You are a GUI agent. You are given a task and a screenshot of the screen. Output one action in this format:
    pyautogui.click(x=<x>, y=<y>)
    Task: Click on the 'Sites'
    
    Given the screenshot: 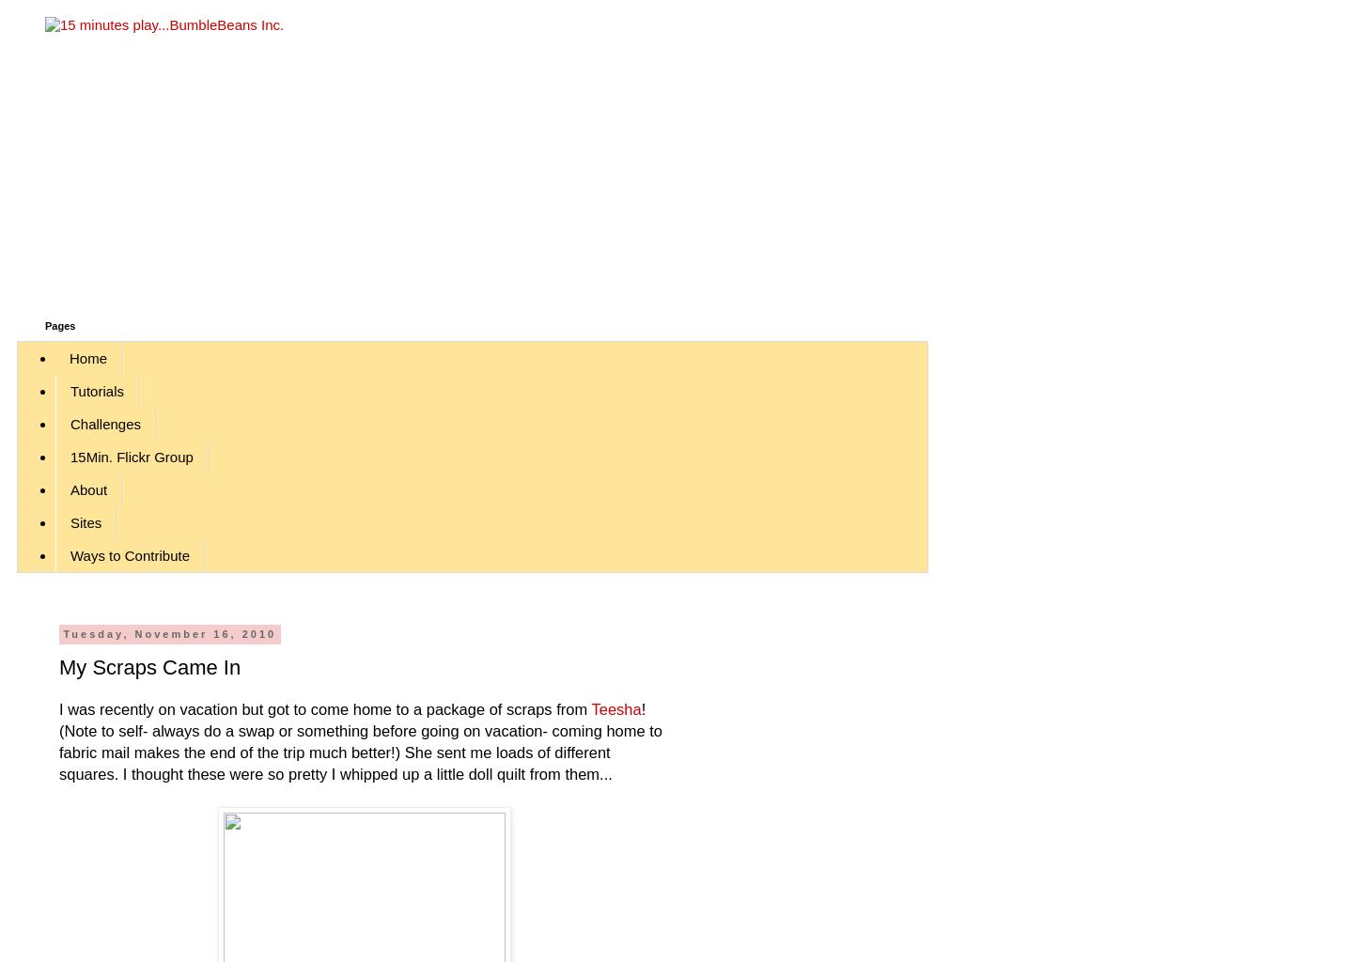 What is the action you would take?
    pyautogui.click(x=85, y=521)
    